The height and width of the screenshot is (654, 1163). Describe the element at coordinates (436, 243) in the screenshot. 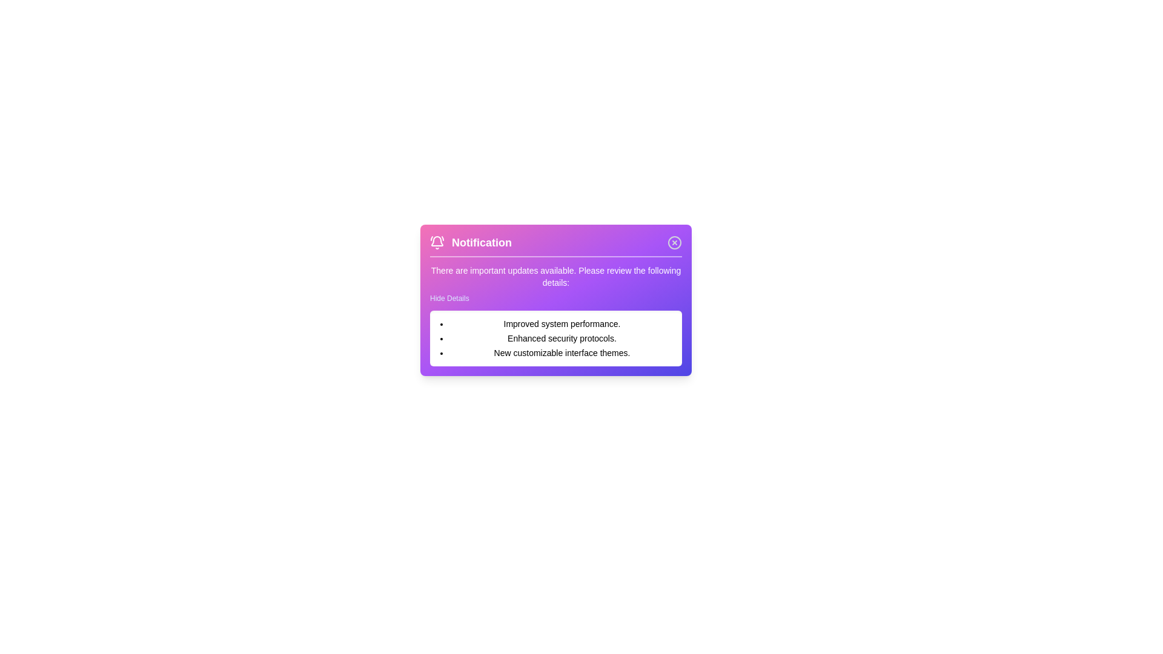

I see `the notification icon to interact with it` at that location.